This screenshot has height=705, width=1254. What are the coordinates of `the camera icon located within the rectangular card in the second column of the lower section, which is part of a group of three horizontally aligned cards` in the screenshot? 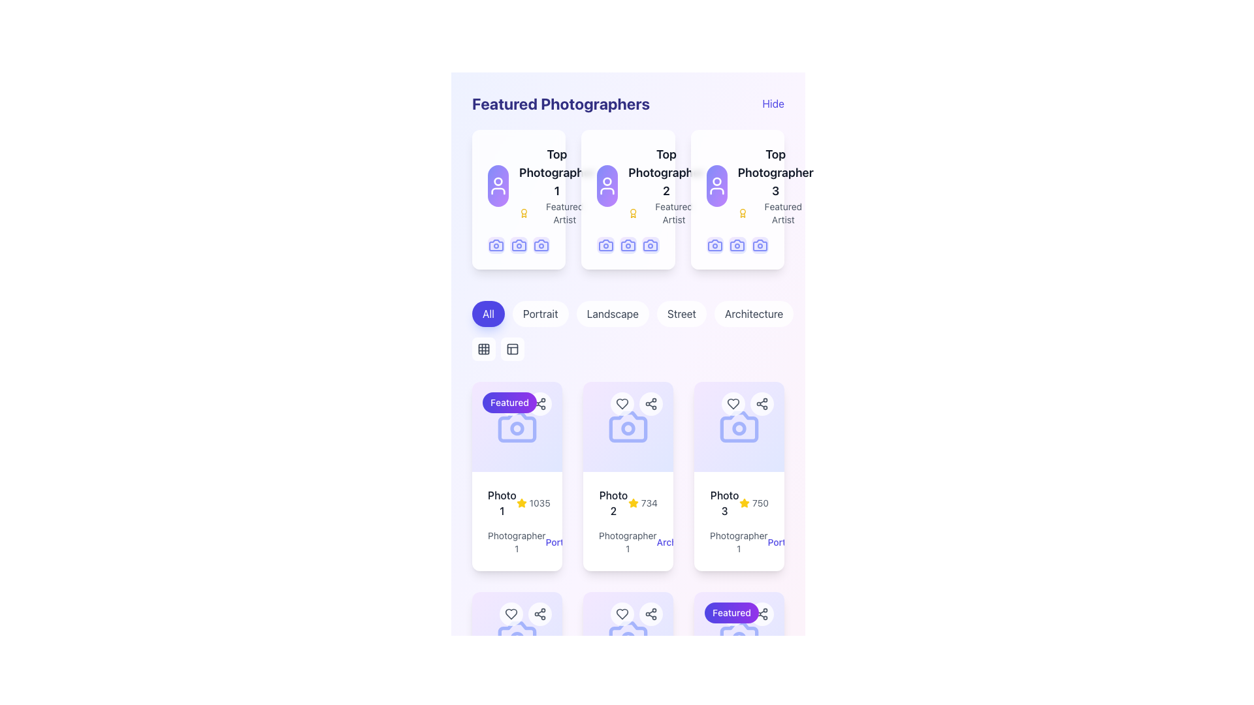 It's located at (628, 427).